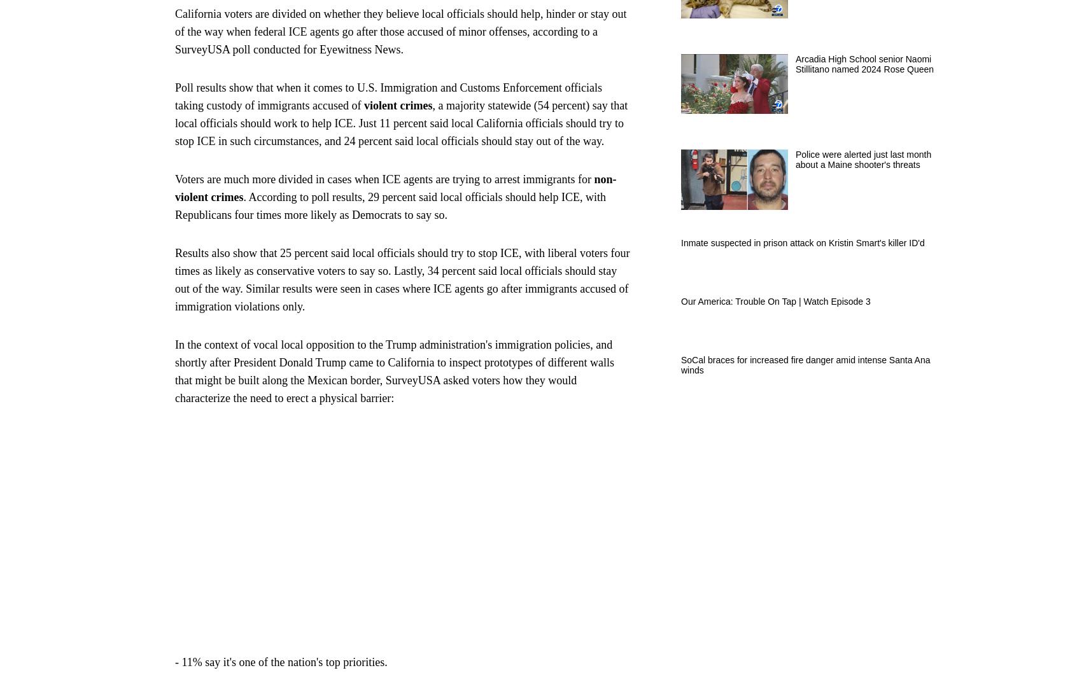  I want to click on ', a majority statewide (54 percent) say that local officials should work to help ICE. Just 11 percent said local California officials should try to stop ICE in such circumstances, and 24 percent said local officials should stay out of the way.', so click(400, 122).